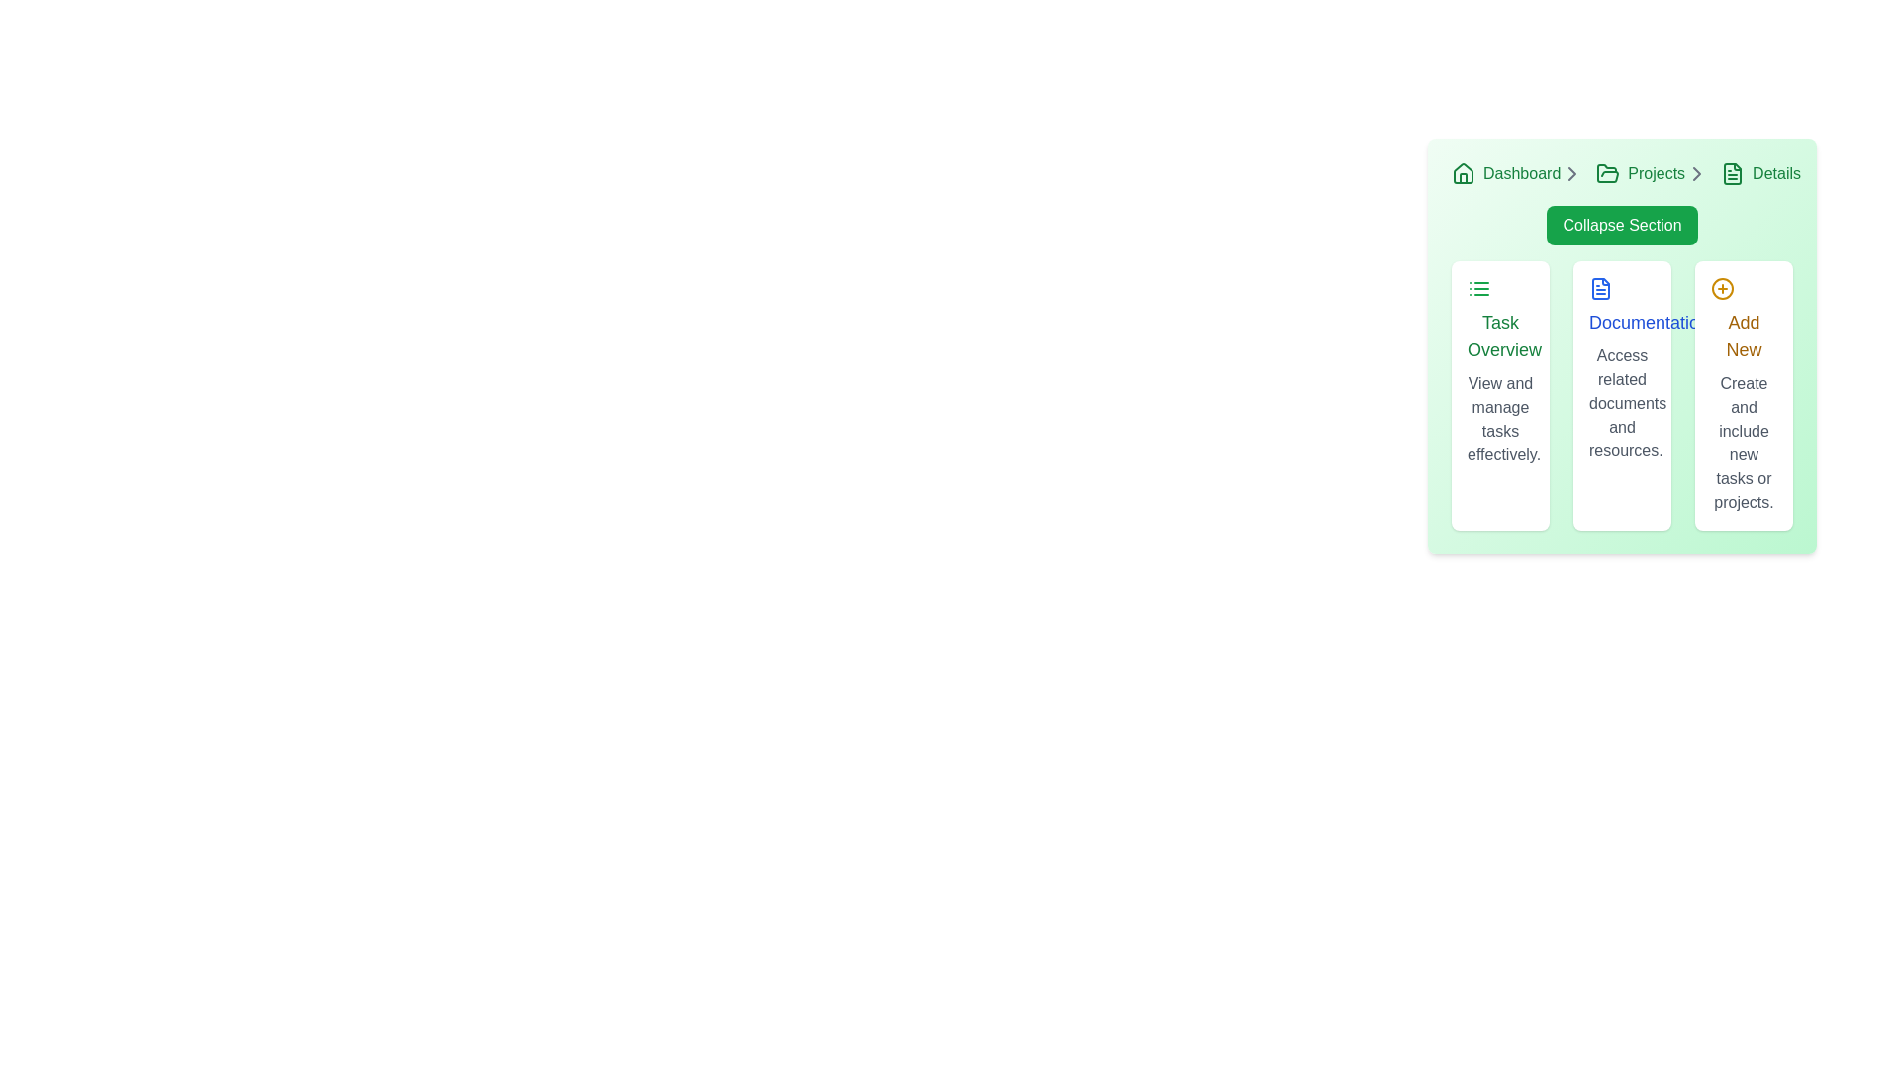  I want to click on the collapse button located at the top of the section containing contextual information about tasks and projects to hide the detailed contents and simplify the interface, so click(1622, 224).